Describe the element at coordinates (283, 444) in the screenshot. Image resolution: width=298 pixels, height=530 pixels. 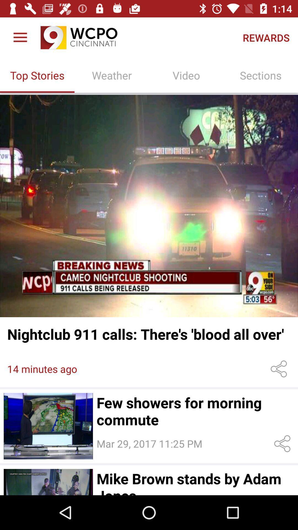
I see `share` at that location.